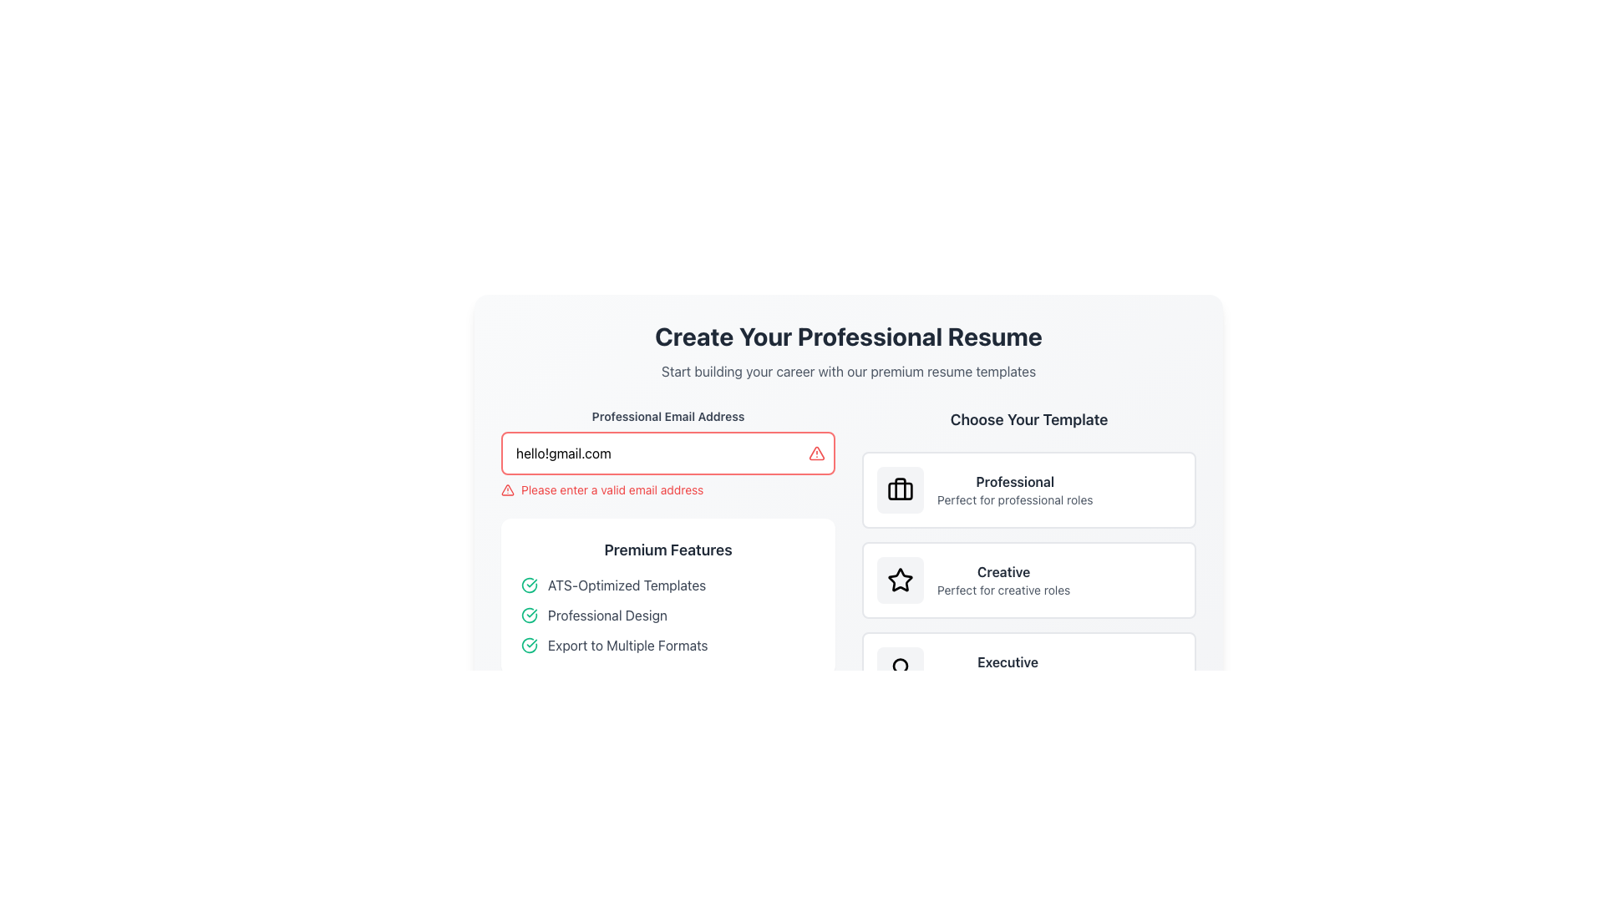 This screenshot has height=902, width=1604. What do you see at coordinates (849, 350) in the screenshot?
I see `the text section displaying 'Create Your Professional Resume' and its subtext, which is centered at the top of the page and visually distinct with a white background` at bounding box center [849, 350].